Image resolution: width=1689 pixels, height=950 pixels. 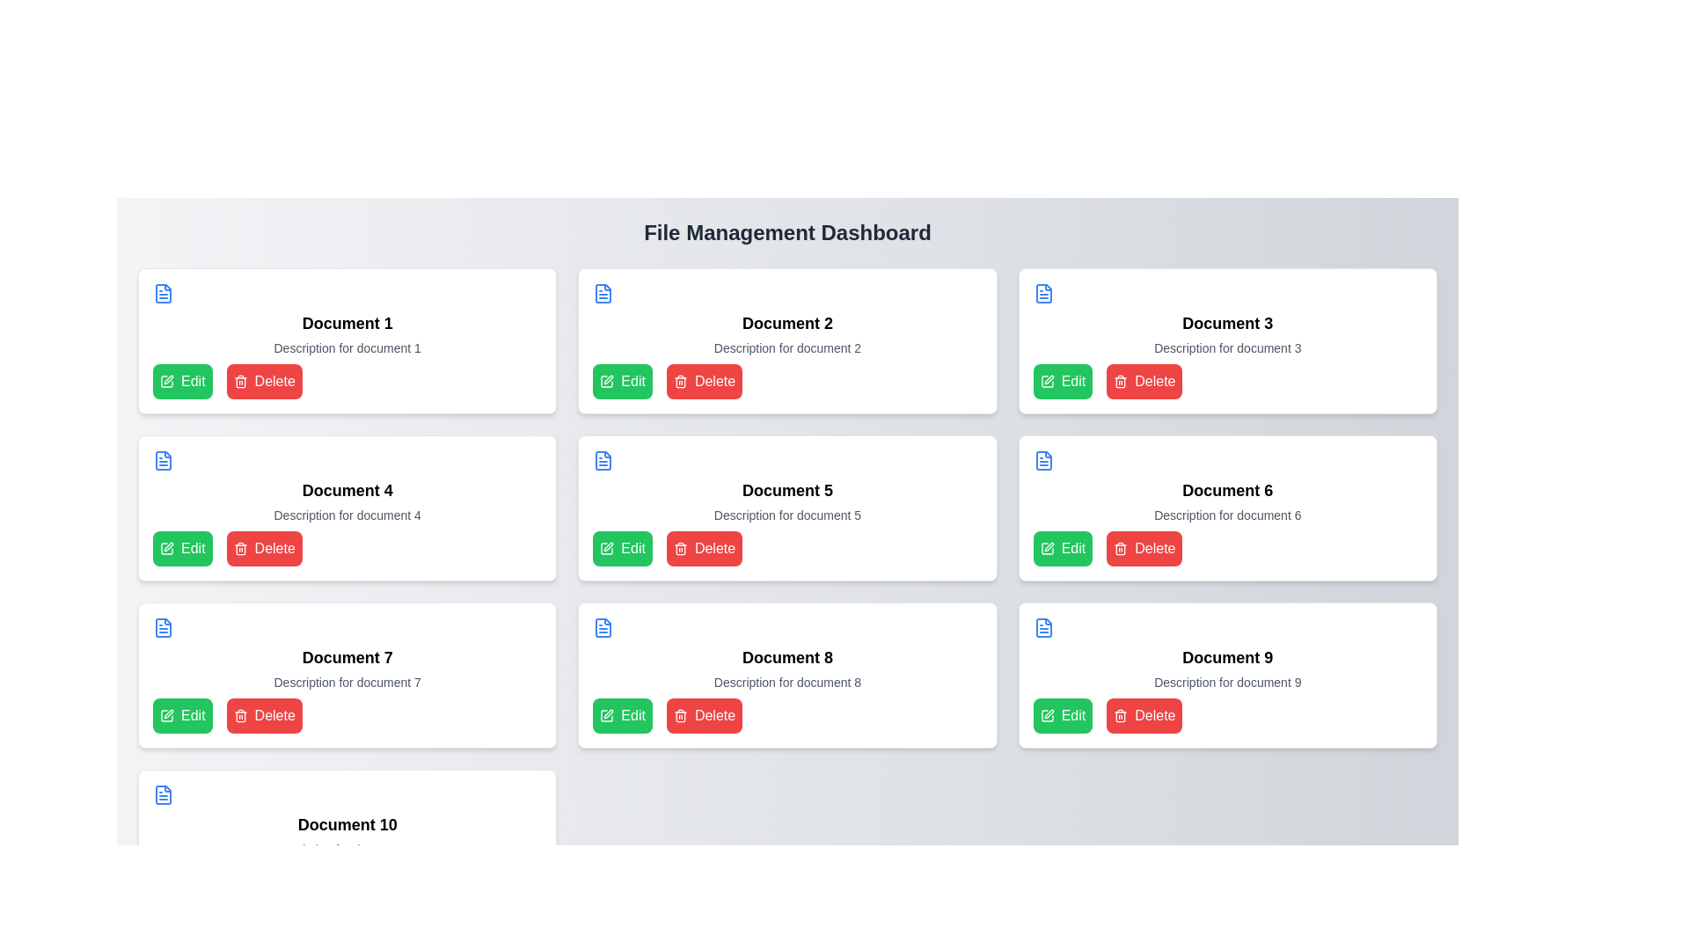 What do you see at coordinates (1226, 658) in the screenshot?
I see `the text label displaying the title of 'Document 9' located at the top of the document card in the fourth column and third row of the grid layout` at bounding box center [1226, 658].